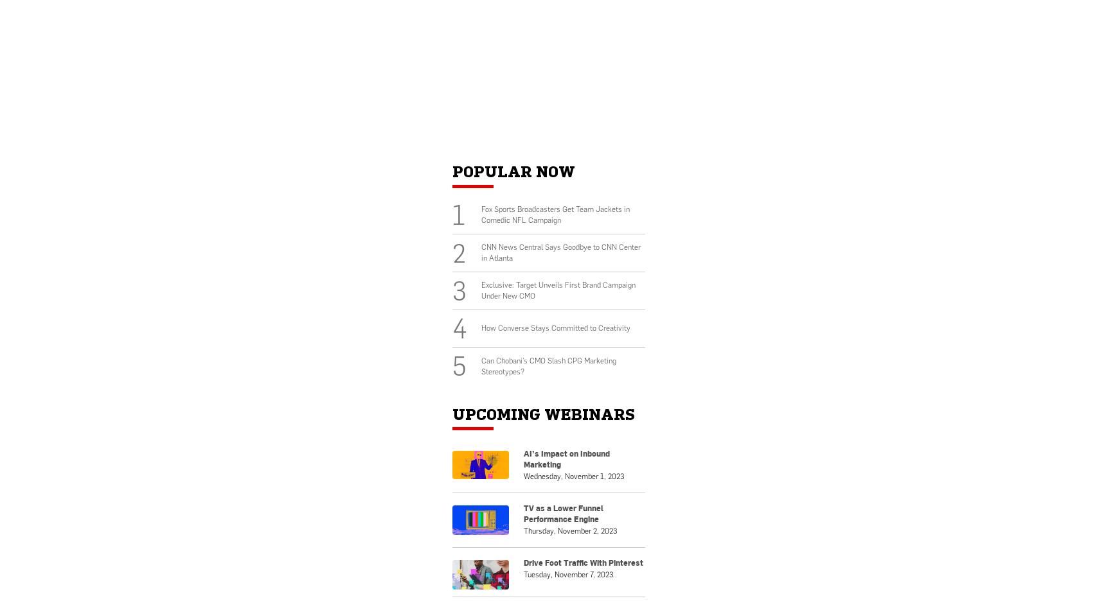  I want to click on 'CNN News Central Says Goodbye to CNN Center in Atlanta', so click(559, 252).